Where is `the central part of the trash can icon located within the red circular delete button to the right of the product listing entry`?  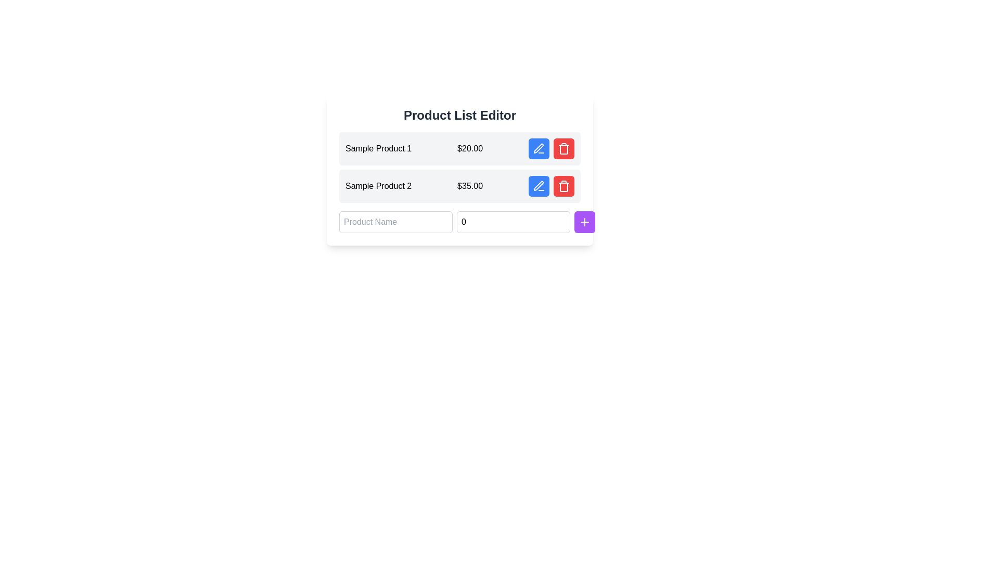
the central part of the trash can icon located within the red circular delete button to the right of the product listing entry is located at coordinates (563, 186).